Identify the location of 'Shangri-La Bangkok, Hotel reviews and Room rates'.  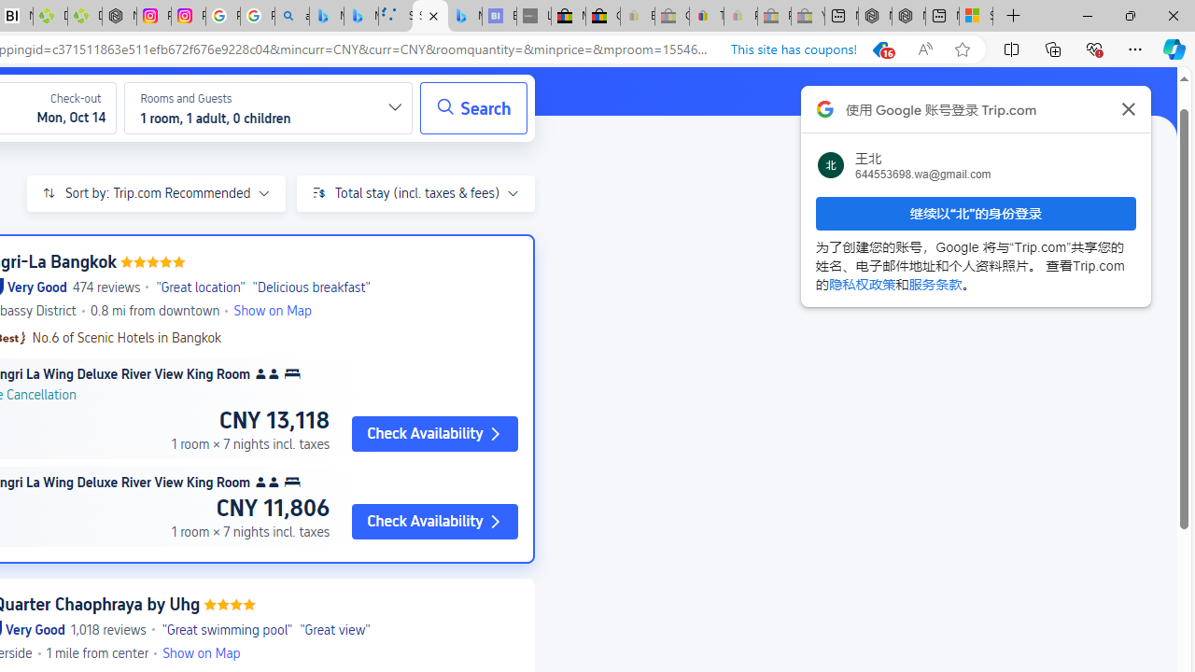
(429, 16).